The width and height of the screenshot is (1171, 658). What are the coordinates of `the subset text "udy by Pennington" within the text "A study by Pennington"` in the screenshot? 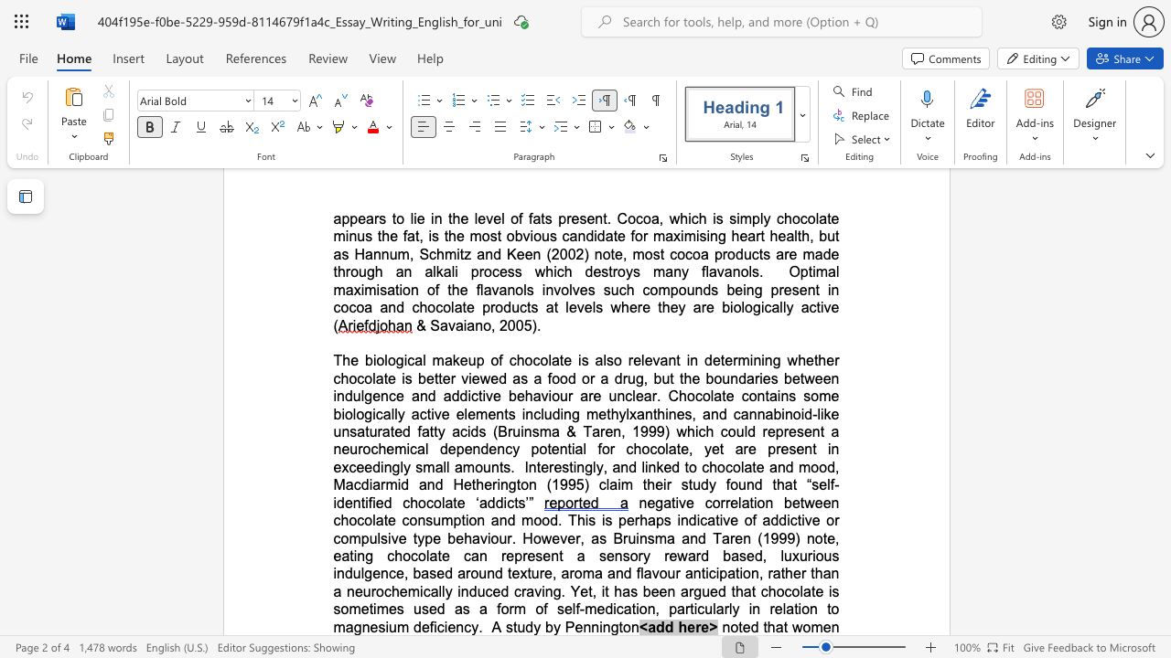 It's located at (516, 626).